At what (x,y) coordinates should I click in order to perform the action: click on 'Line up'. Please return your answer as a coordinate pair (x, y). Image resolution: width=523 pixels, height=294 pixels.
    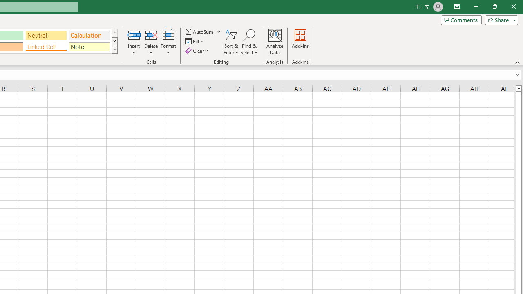
    Looking at the image, I should click on (518, 88).